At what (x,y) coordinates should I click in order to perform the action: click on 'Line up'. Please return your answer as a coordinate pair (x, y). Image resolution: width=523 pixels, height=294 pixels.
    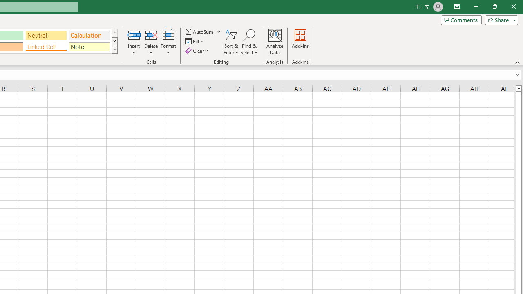
    Looking at the image, I should click on (518, 88).